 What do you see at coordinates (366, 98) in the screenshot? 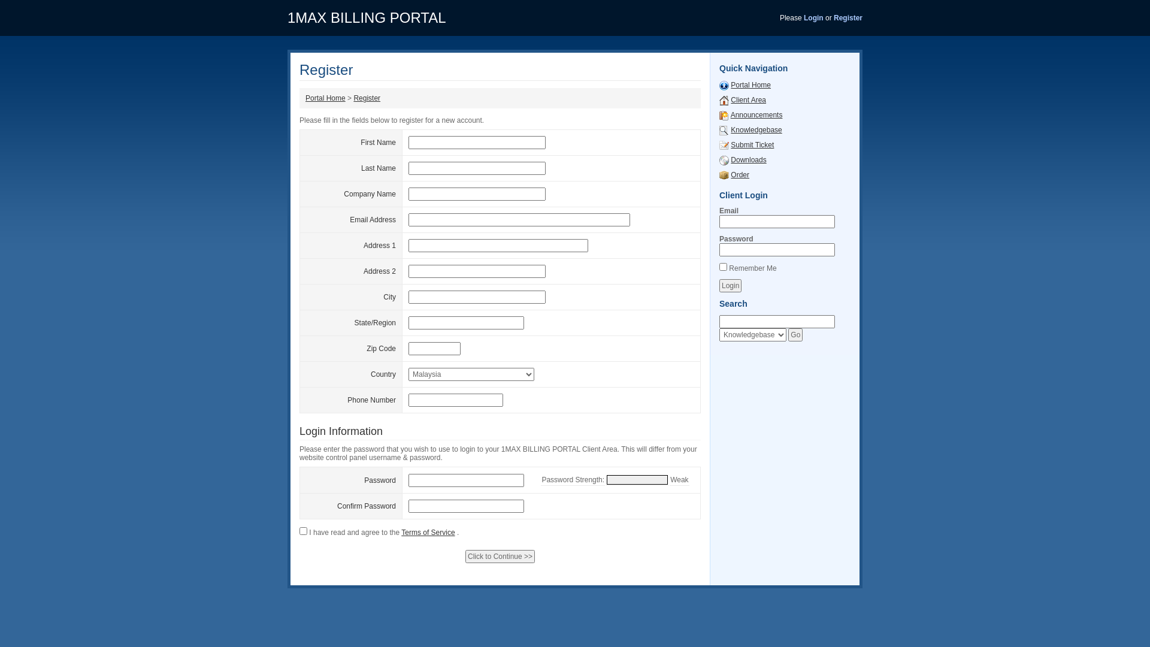
I see `'Register'` at bounding box center [366, 98].